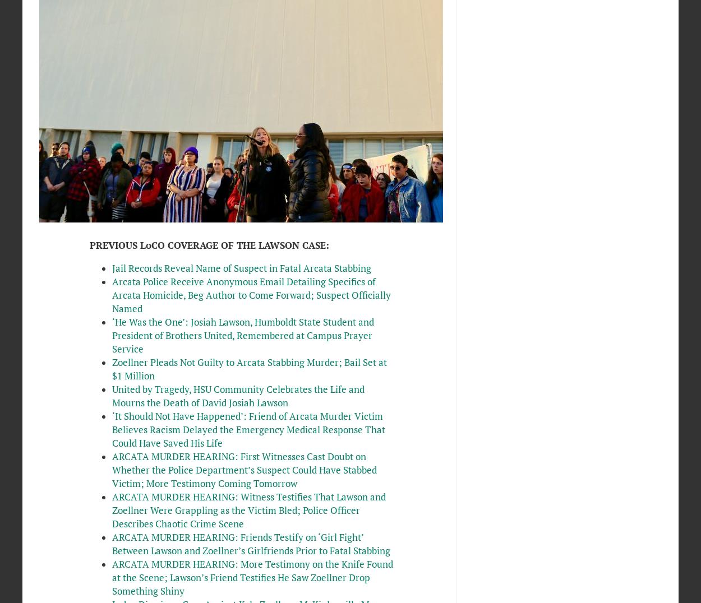 This screenshot has width=701, height=603. Describe the element at coordinates (250, 295) in the screenshot. I see `'Arcata Police Receive Anonymous Email Detailing Specifics of Arcata Homicide, Beg Author to Come Forward; Suspect Officially Named'` at that location.